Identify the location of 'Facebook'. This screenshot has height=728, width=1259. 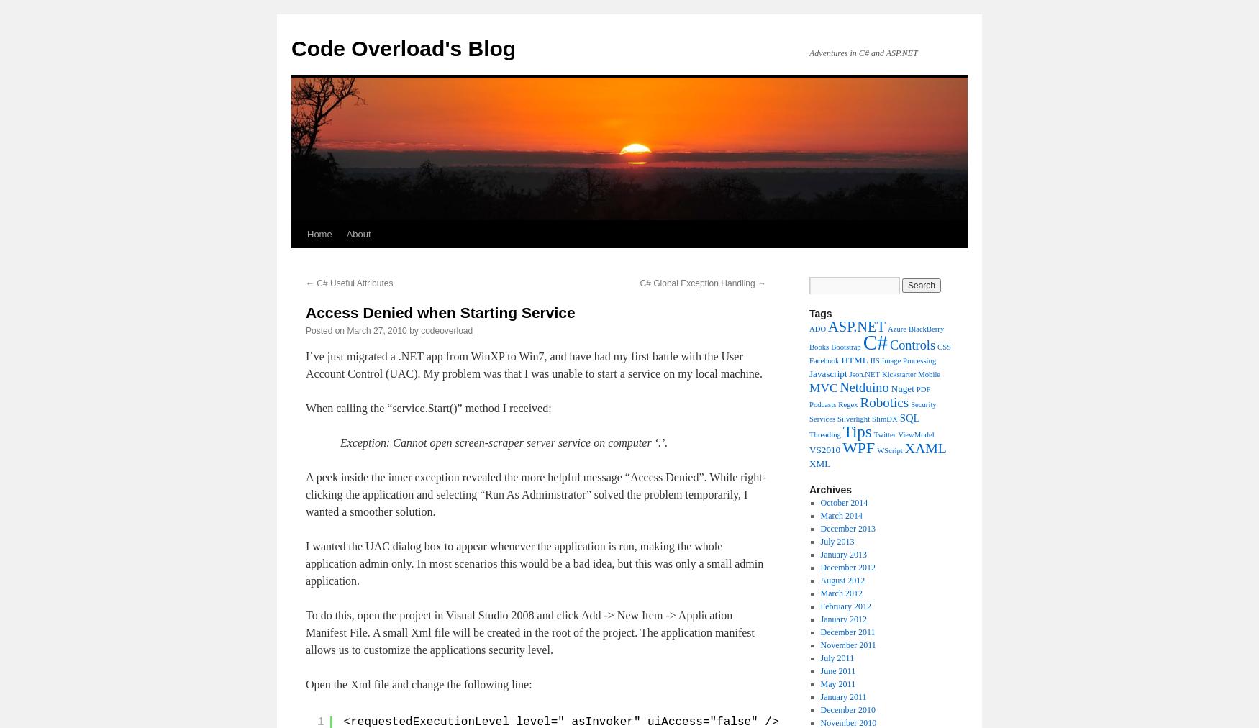
(823, 360).